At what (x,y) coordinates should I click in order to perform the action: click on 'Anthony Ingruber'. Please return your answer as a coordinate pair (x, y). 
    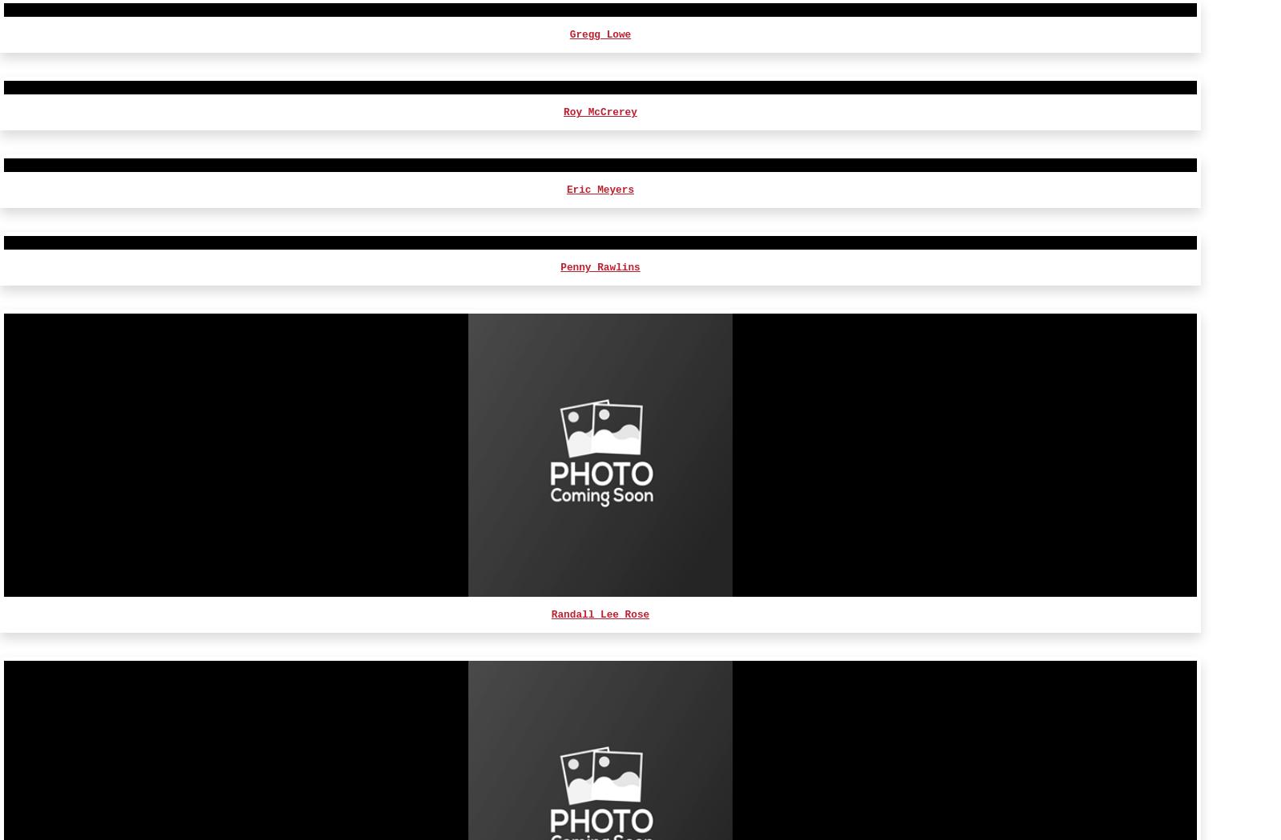
    Looking at the image, I should click on (551, 765).